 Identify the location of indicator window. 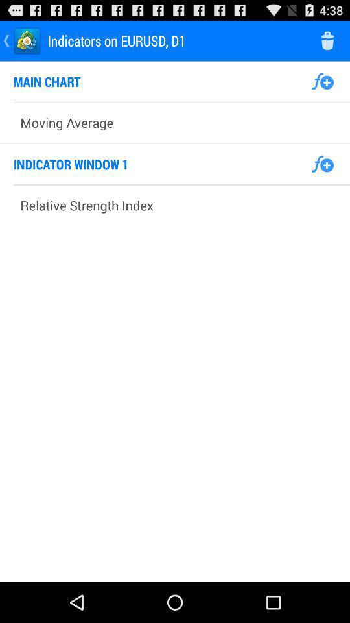
(321, 164).